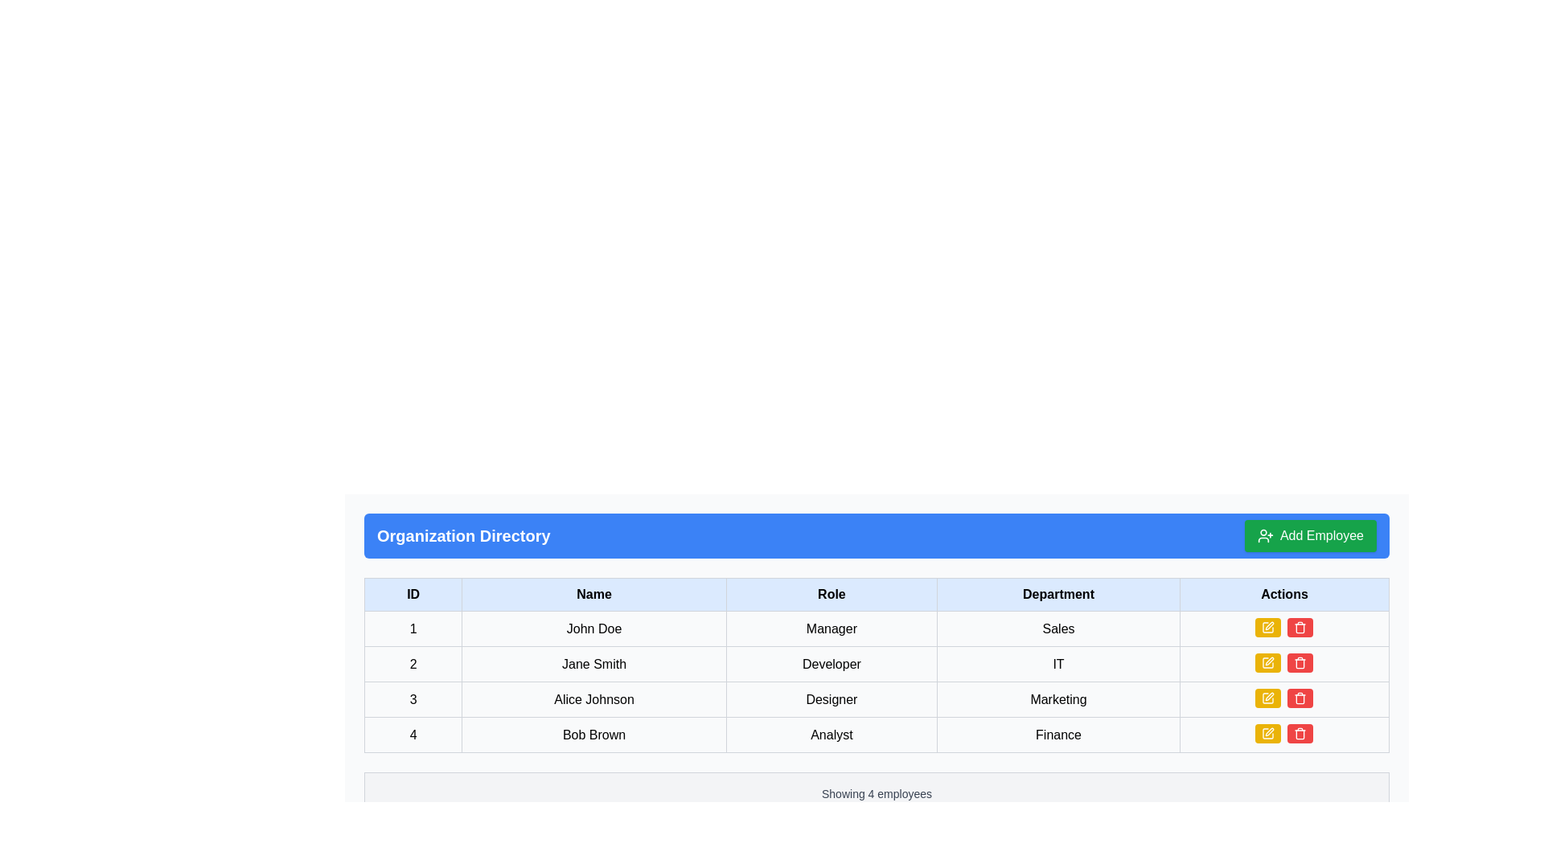  I want to click on the green button labeled 'Add Employee' located on the right side of the 'Organization Directory' header, so click(1310, 536).